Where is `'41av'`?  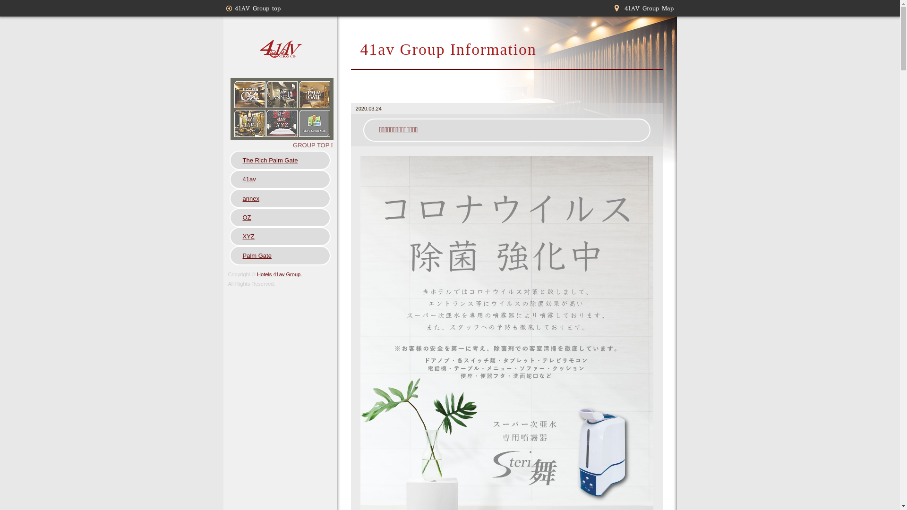
'41av' is located at coordinates (280, 179).